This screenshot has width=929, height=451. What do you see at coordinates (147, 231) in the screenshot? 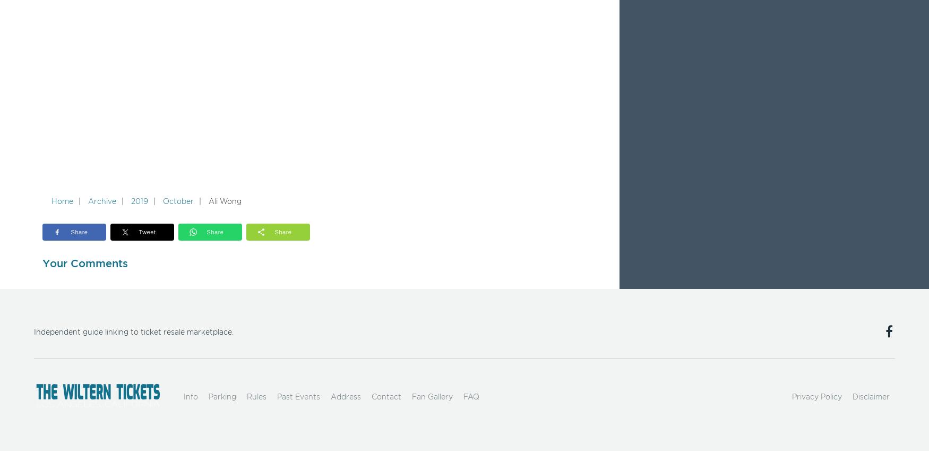
I see `'Tweet'` at bounding box center [147, 231].